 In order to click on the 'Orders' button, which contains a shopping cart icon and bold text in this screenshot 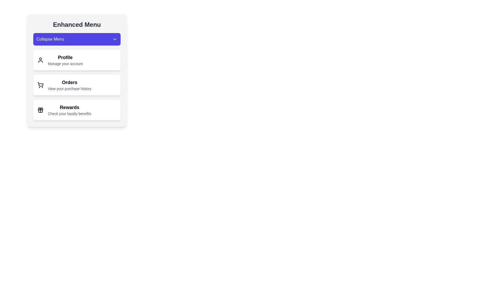, I will do `click(77, 85)`.